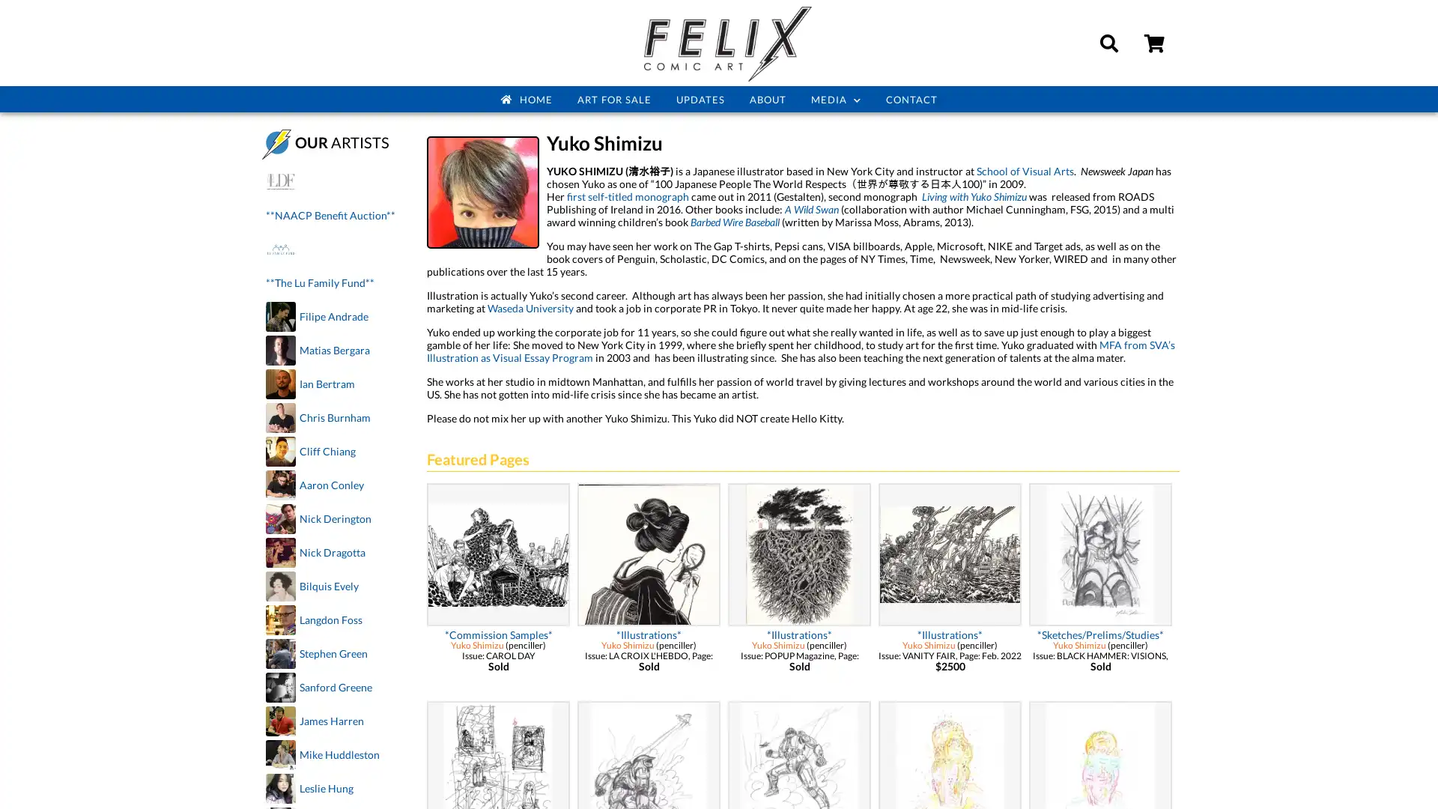  Describe the element at coordinates (1411, 97) in the screenshot. I see `Go!` at that location.